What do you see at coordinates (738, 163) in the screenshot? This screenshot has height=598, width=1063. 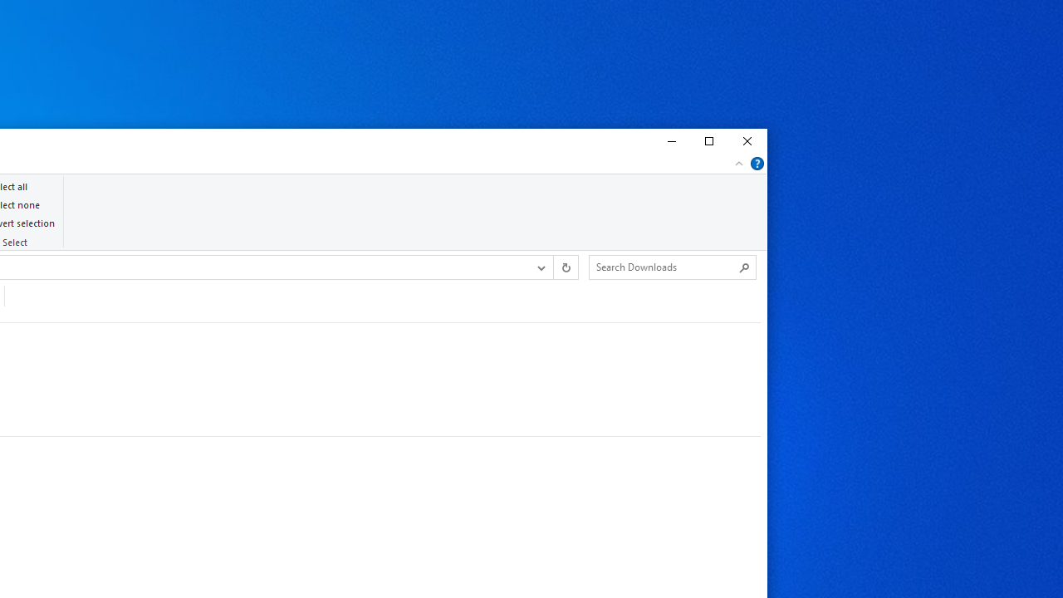 I see `'Minimize the Ribbon'` at bounding box center [738, 163].